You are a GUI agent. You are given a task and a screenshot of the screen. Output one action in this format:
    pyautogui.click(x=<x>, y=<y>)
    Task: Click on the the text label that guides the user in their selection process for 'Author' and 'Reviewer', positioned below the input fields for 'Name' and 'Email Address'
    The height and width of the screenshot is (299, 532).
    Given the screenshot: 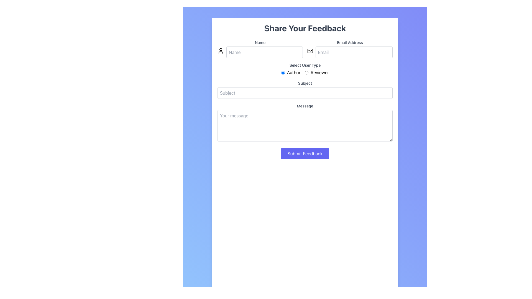 What is the action you would take?
    pyautogui.click(x=305, y=65)
    